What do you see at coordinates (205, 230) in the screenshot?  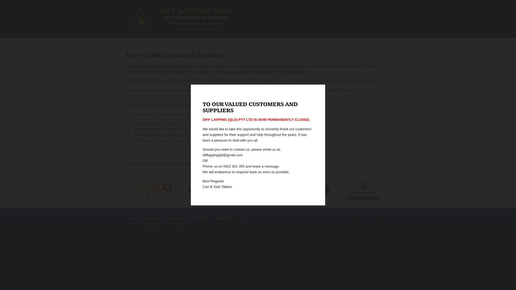 I see `'Privacy Policy'` at bounding box center [205, 230].